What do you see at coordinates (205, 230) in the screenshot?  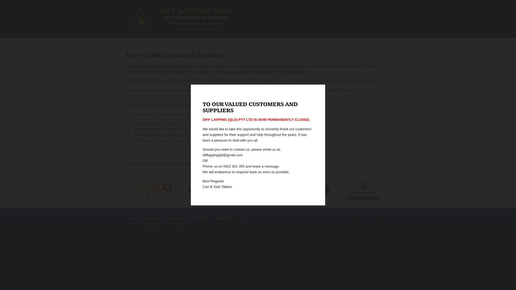 I see `'Privacy Policy'` at bounding box center [205, 230].